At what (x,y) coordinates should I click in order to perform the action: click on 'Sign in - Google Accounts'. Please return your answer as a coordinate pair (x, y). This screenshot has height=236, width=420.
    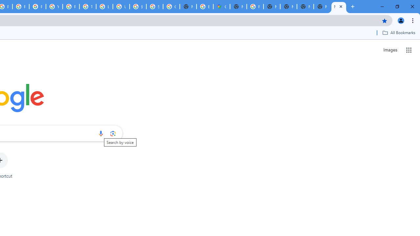
    Looking at the image, I should click on (154, 7).